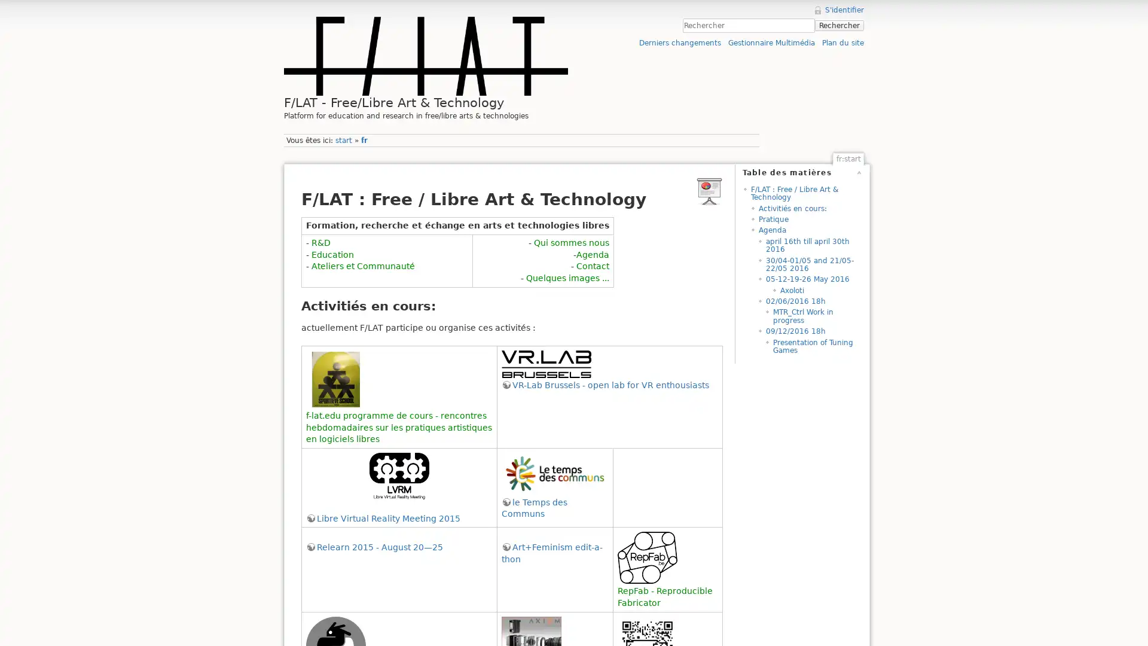  I want to click on Rechercher, so click(838, 25).